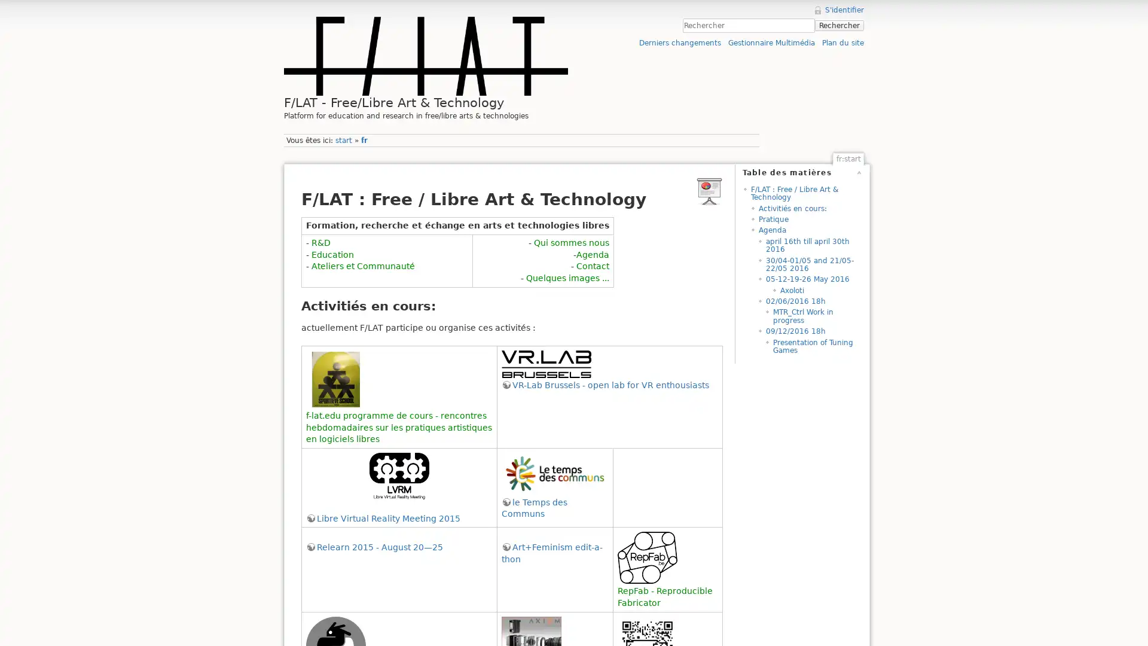  I want to click on Rechercher, so click(838, 25).